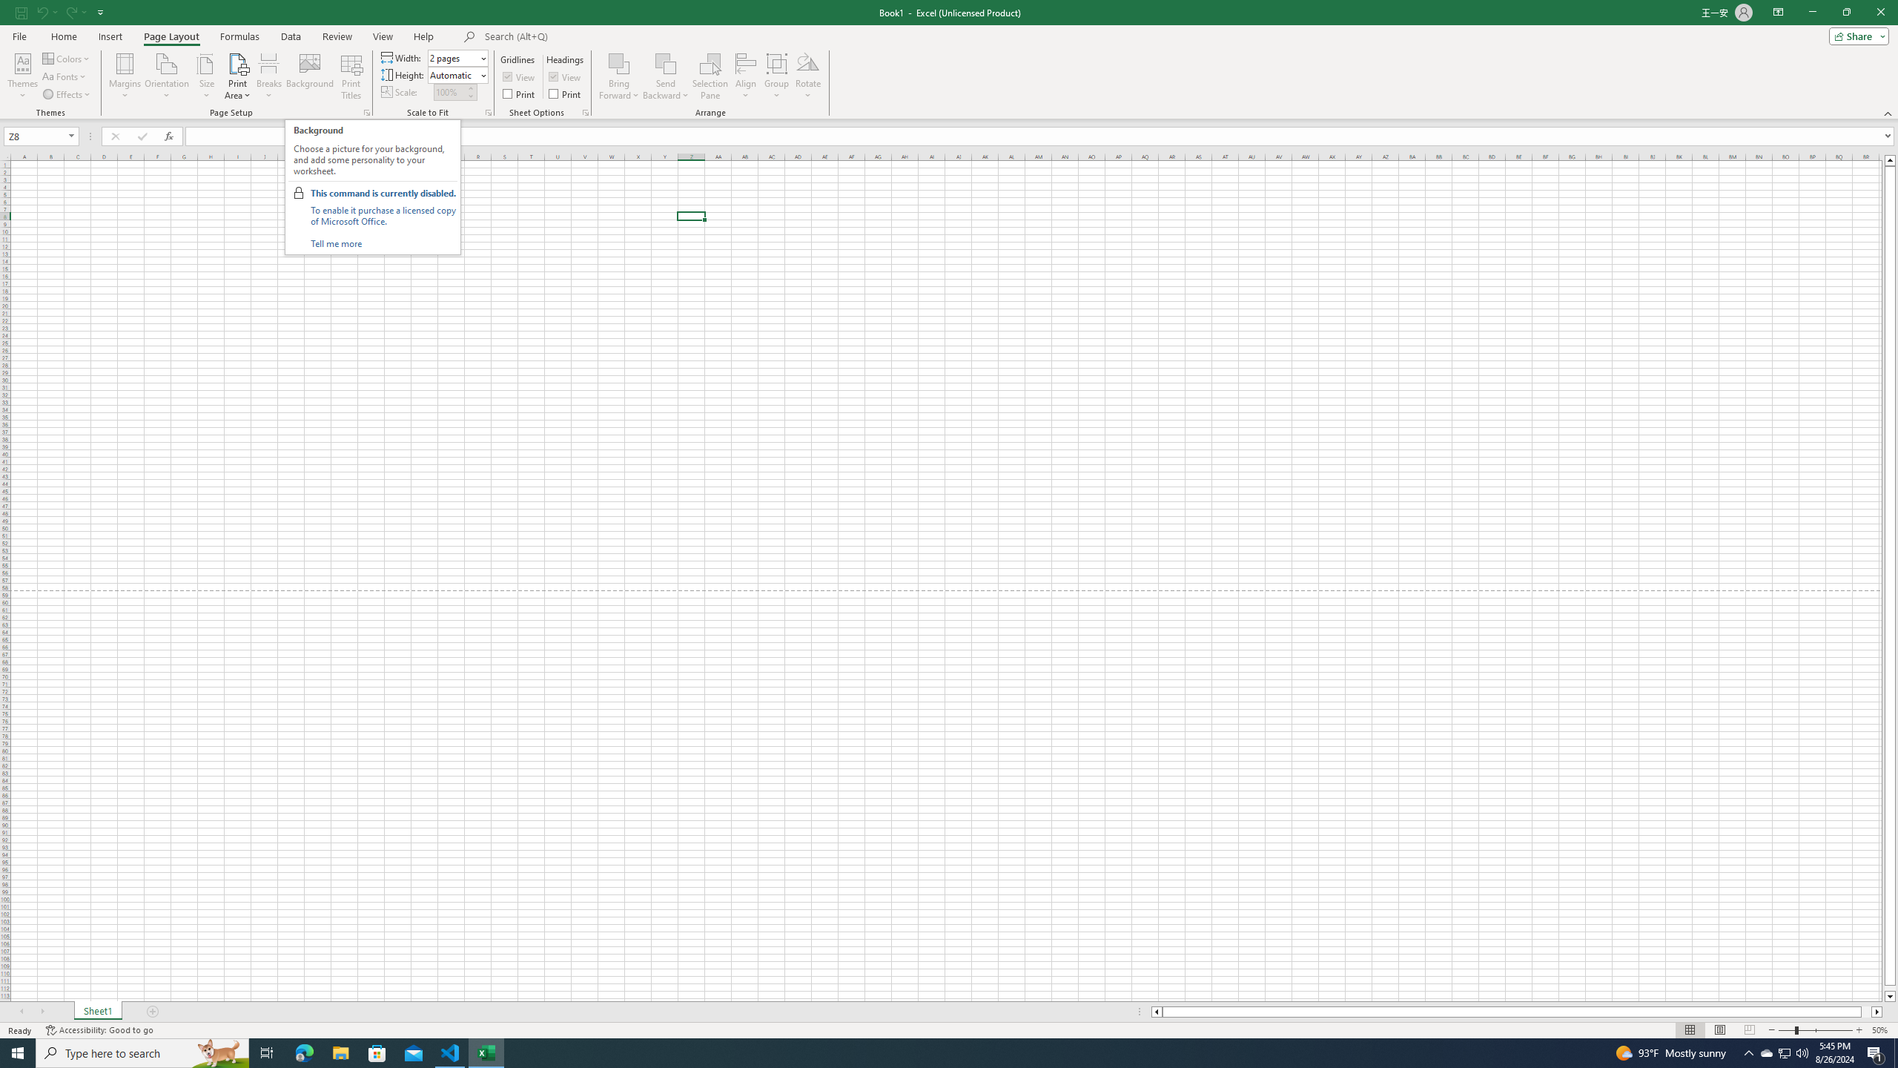 Image resolution: width=1898 pixels, height=1068 pixels. I want to click on 'Sheet Options', so click(584, 111).